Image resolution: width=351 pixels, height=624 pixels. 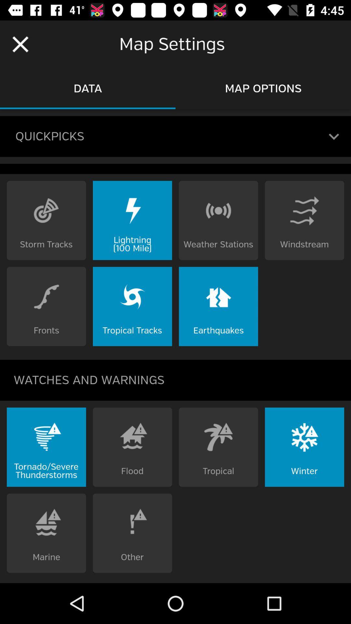 I want to click on access favorites menu, so click(x=334, y=136).